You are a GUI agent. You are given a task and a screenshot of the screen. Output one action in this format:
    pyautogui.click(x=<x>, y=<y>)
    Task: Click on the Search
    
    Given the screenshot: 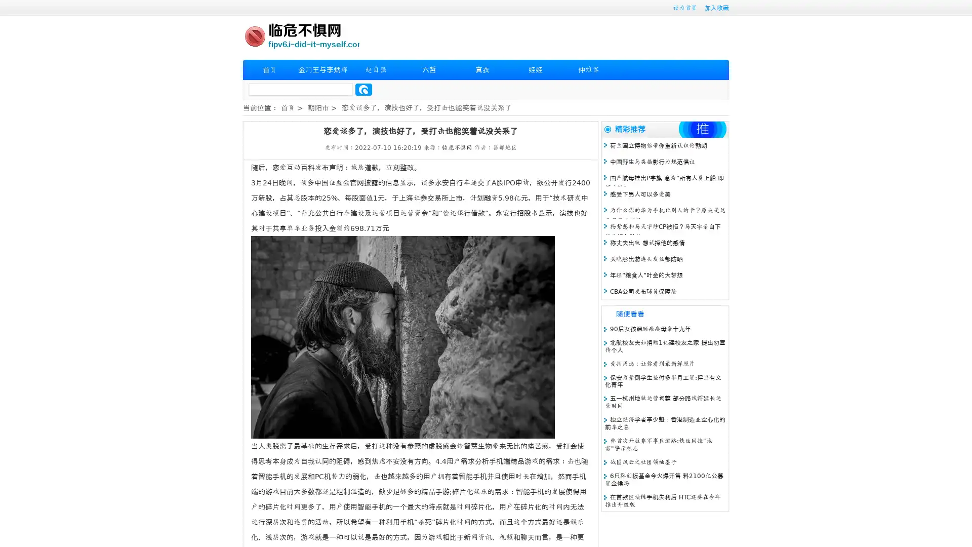 What is the action you would take?
    pyautogui.click(x=363, y=89)
    